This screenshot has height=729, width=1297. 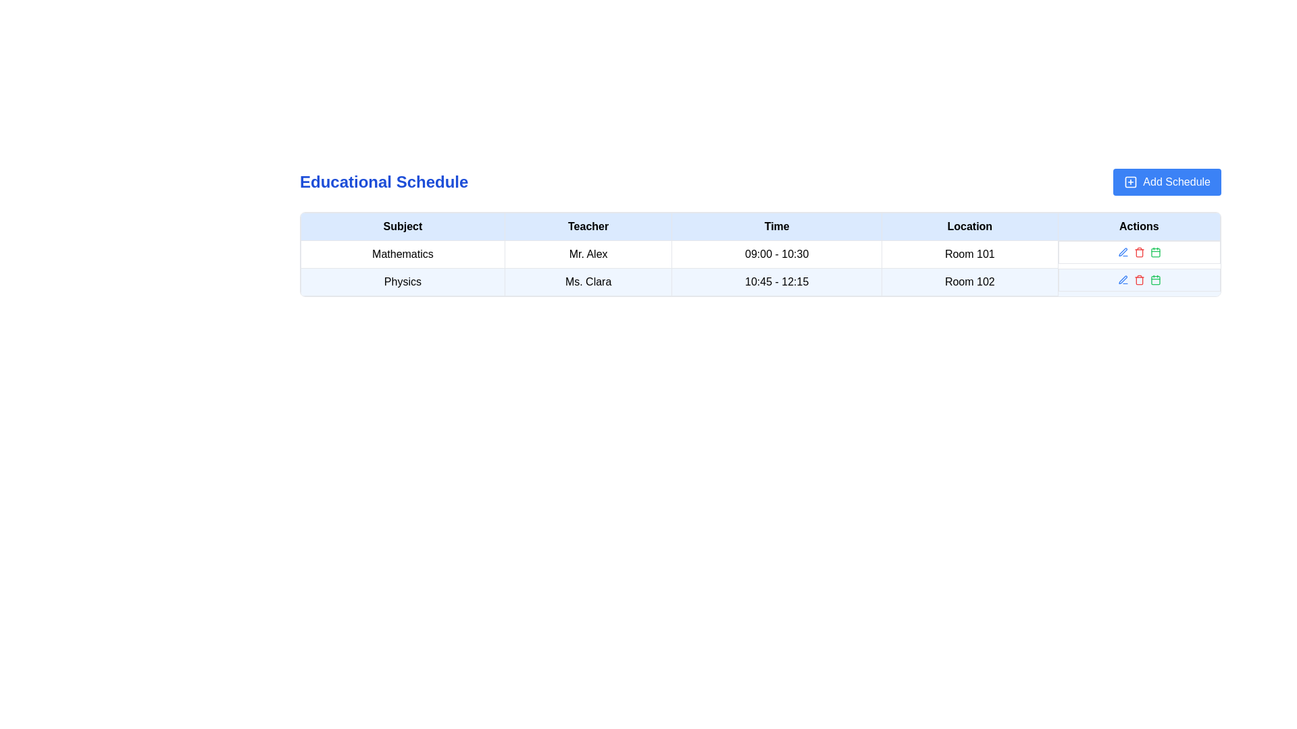 What do you see at coordinates (383, 182) in the screenshot?
I see `the static text or label that serves as the title or header for the educational schedule, located in the top-left section of the interface above the schedule details table` at bounding box center [383, 182].